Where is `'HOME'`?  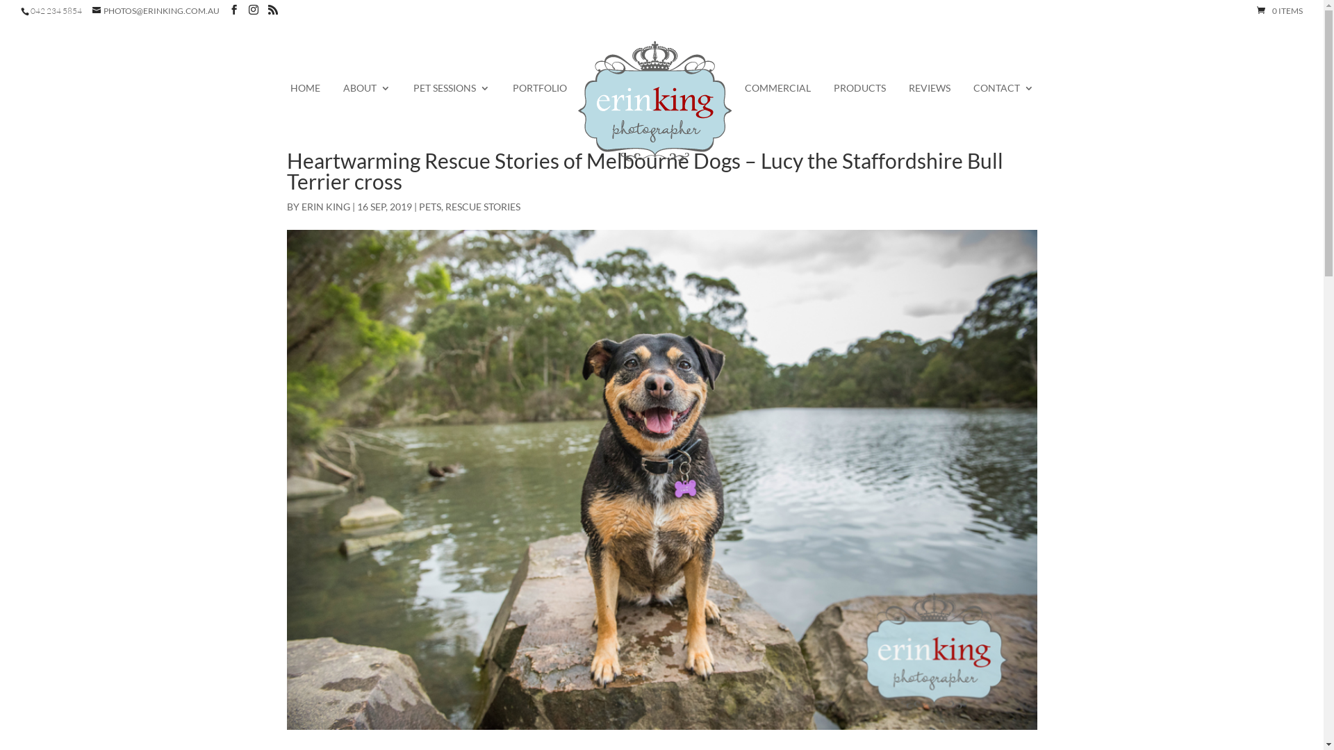
'HOME' is located at coordinates (304, 96).